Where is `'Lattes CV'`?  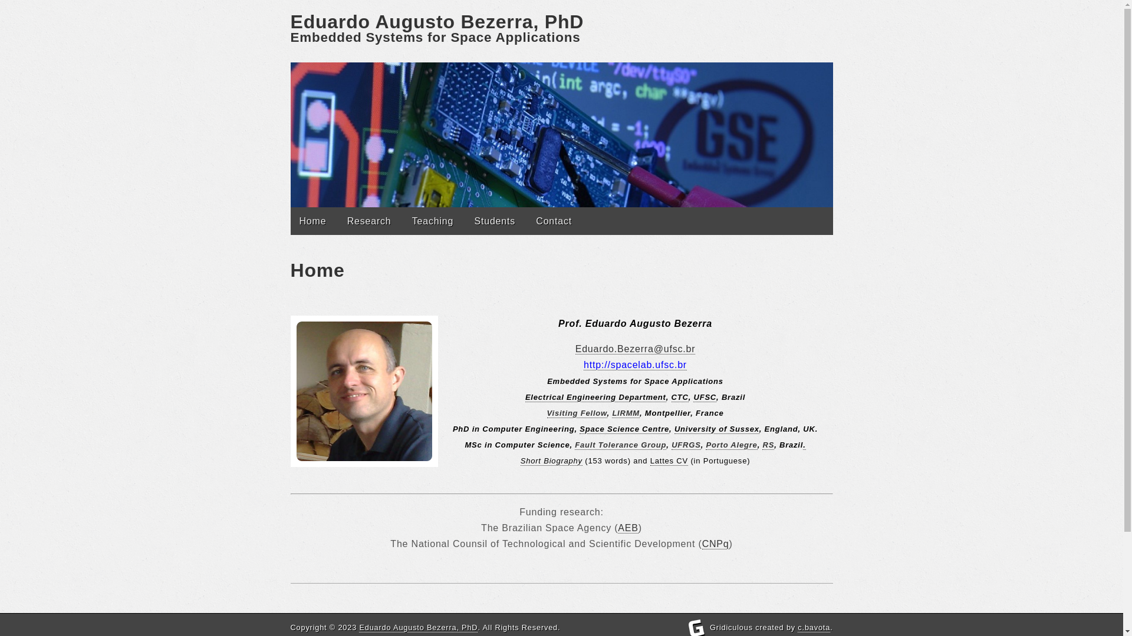
'Lattes CV' is located at coordinates (669, 461).